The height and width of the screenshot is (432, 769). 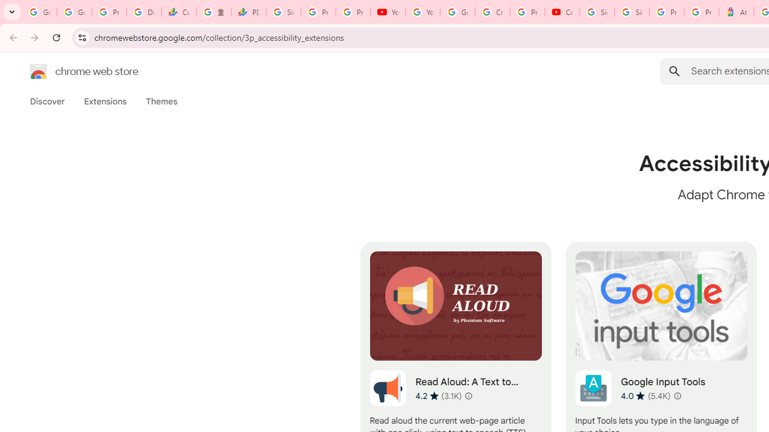 What do you see at coordinates (562, 12) in the screenshot?
I see `'Content Creator Programs & Opportunities - YouTube Creators'` at bounding box center [562, 12].